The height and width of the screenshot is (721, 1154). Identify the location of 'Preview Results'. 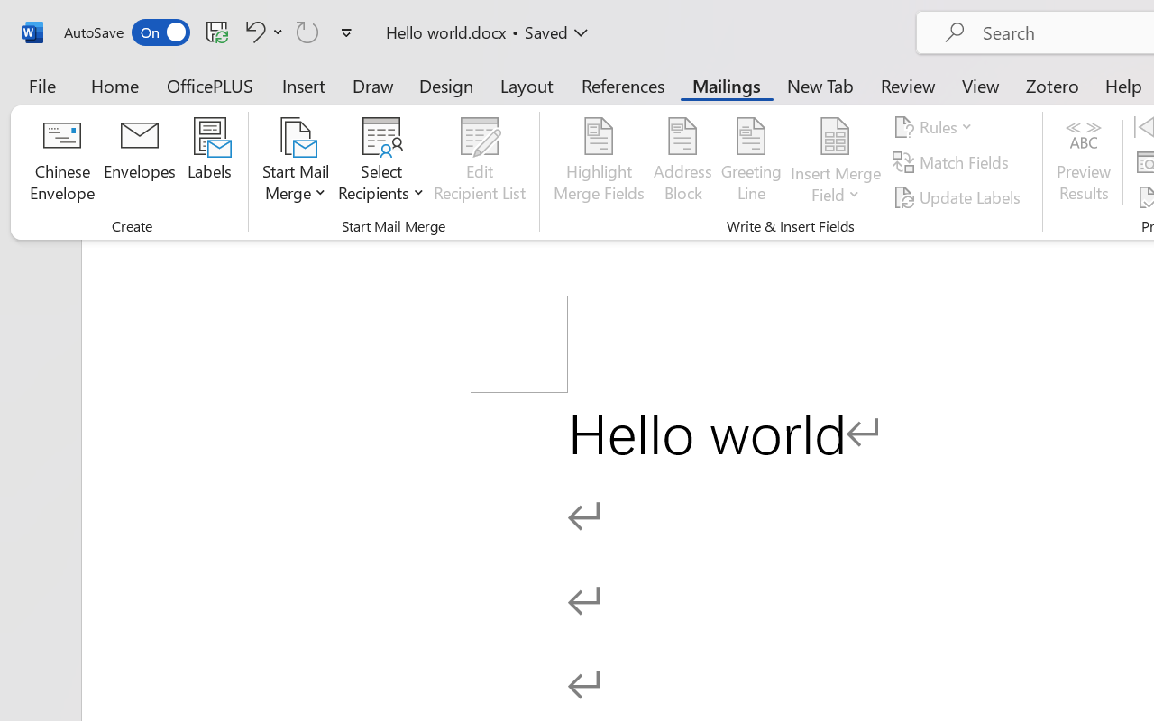
(1083, 161).